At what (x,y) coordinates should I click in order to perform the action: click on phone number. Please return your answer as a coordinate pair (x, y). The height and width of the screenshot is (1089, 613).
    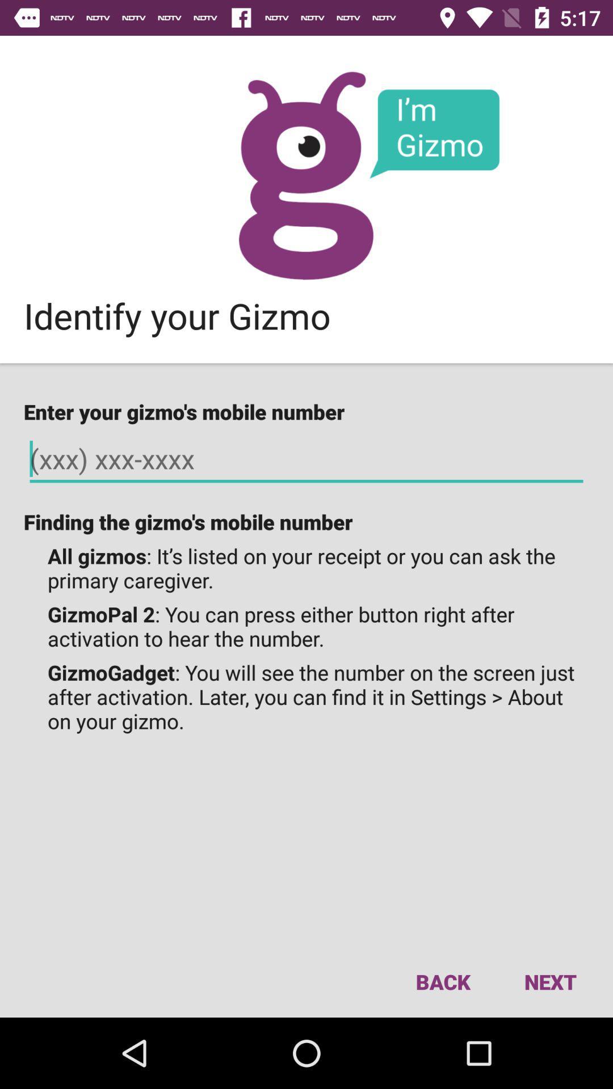
    Looking at the image, I should click on (306, 459).